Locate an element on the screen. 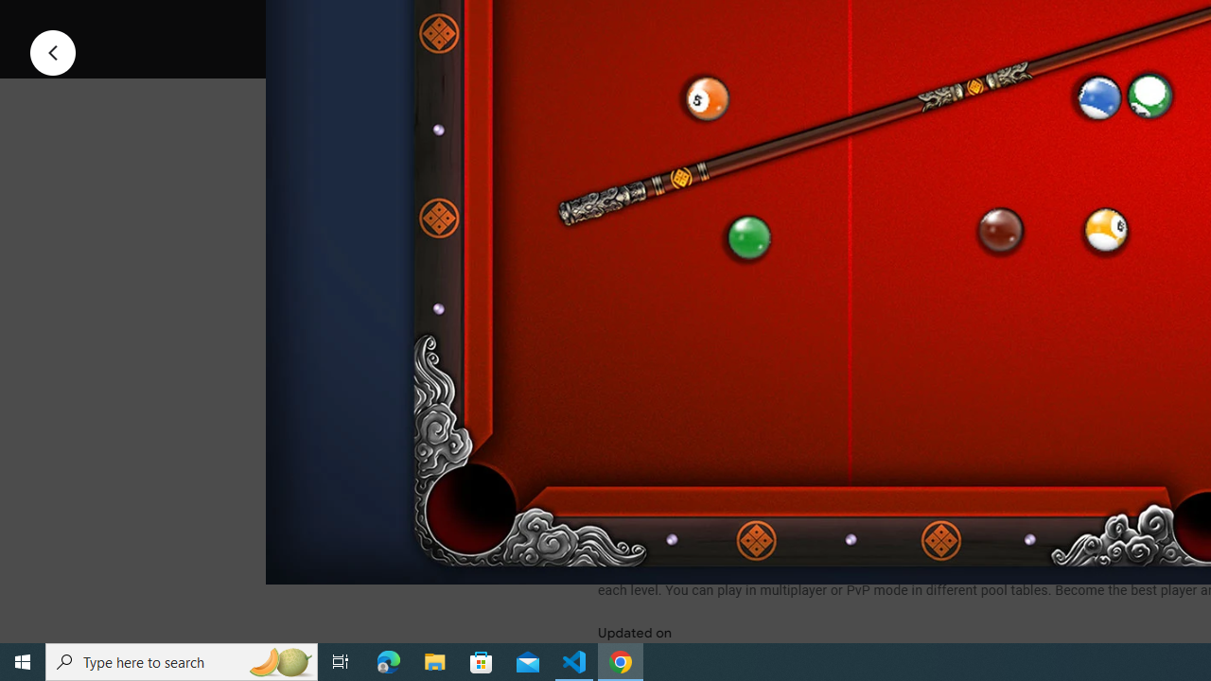 This screenshot has width=1211, height=681. 'Share' is located at coordinates (841, 23).